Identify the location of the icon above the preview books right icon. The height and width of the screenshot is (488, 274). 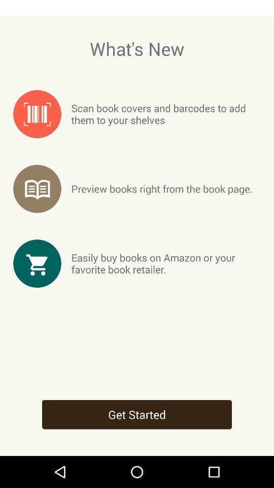
(166, 114).